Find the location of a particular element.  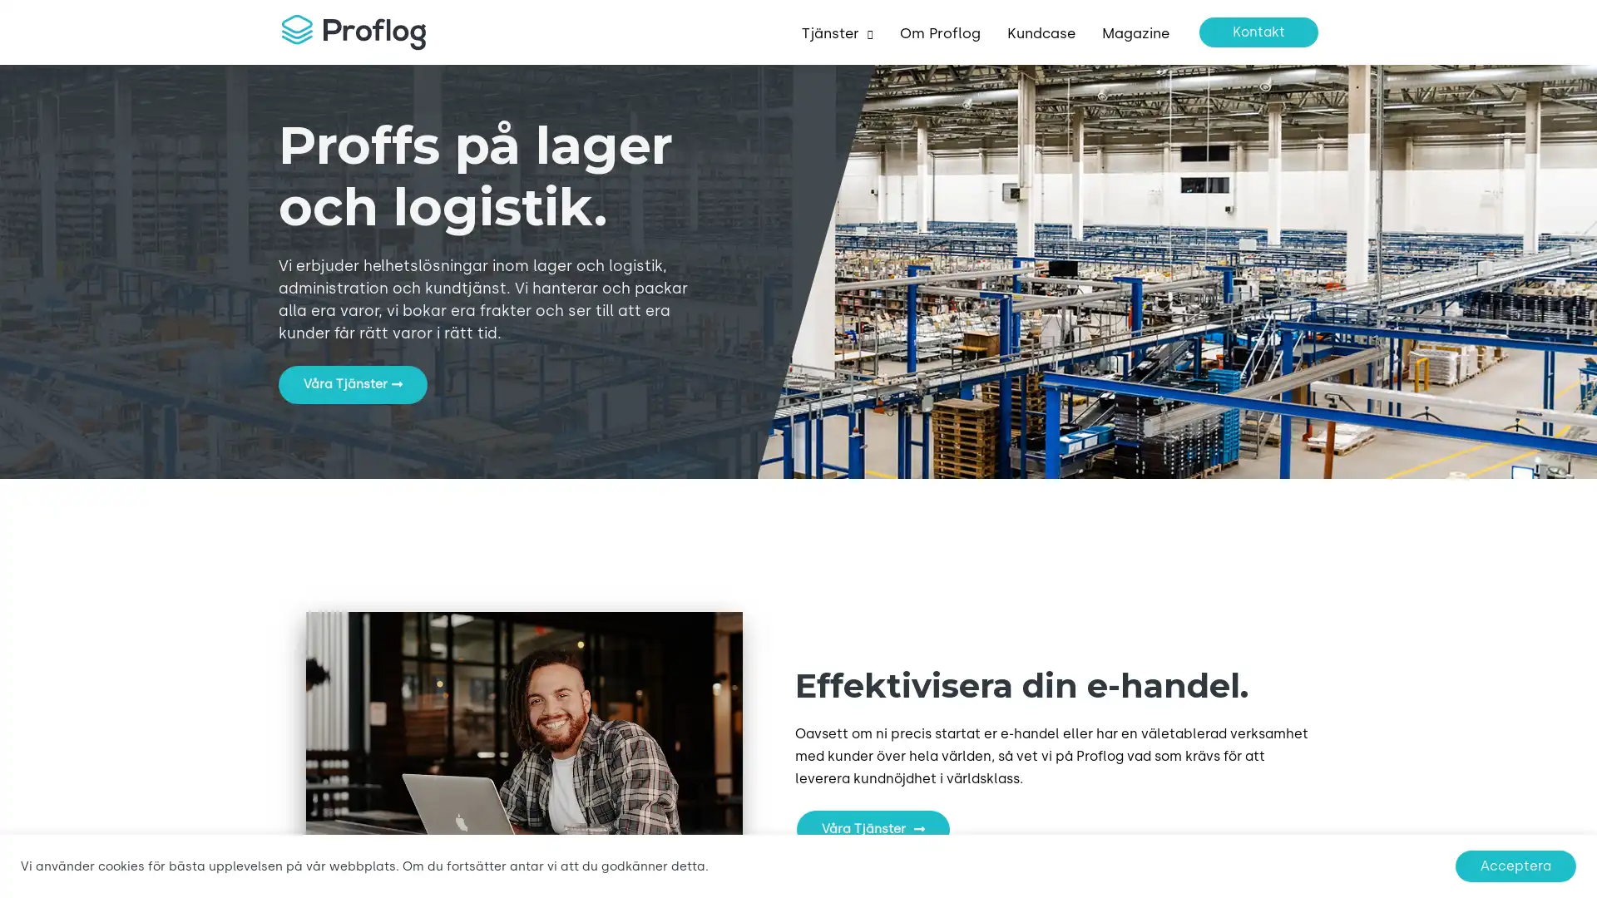

Vara Tjanster is located at coordinates (872, 830).